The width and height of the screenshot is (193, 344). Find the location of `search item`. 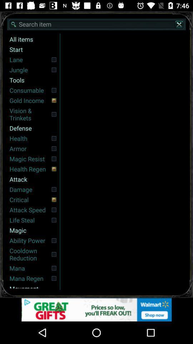

search item is located at coordinates (96, 24).